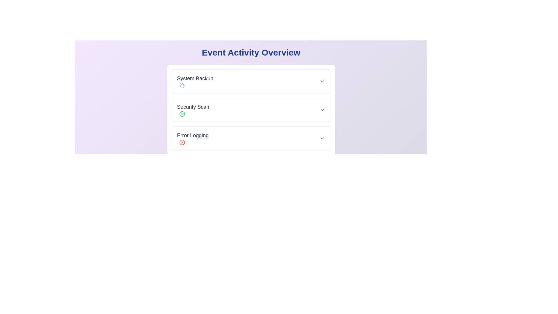 This screenshot has height=314, width=558. Describe the element at coordinates (182, 142) in the screenshot. I see `the circular red icon with a white border and a white cross in the middle, located next to the 'Error Logging' label` at that location.